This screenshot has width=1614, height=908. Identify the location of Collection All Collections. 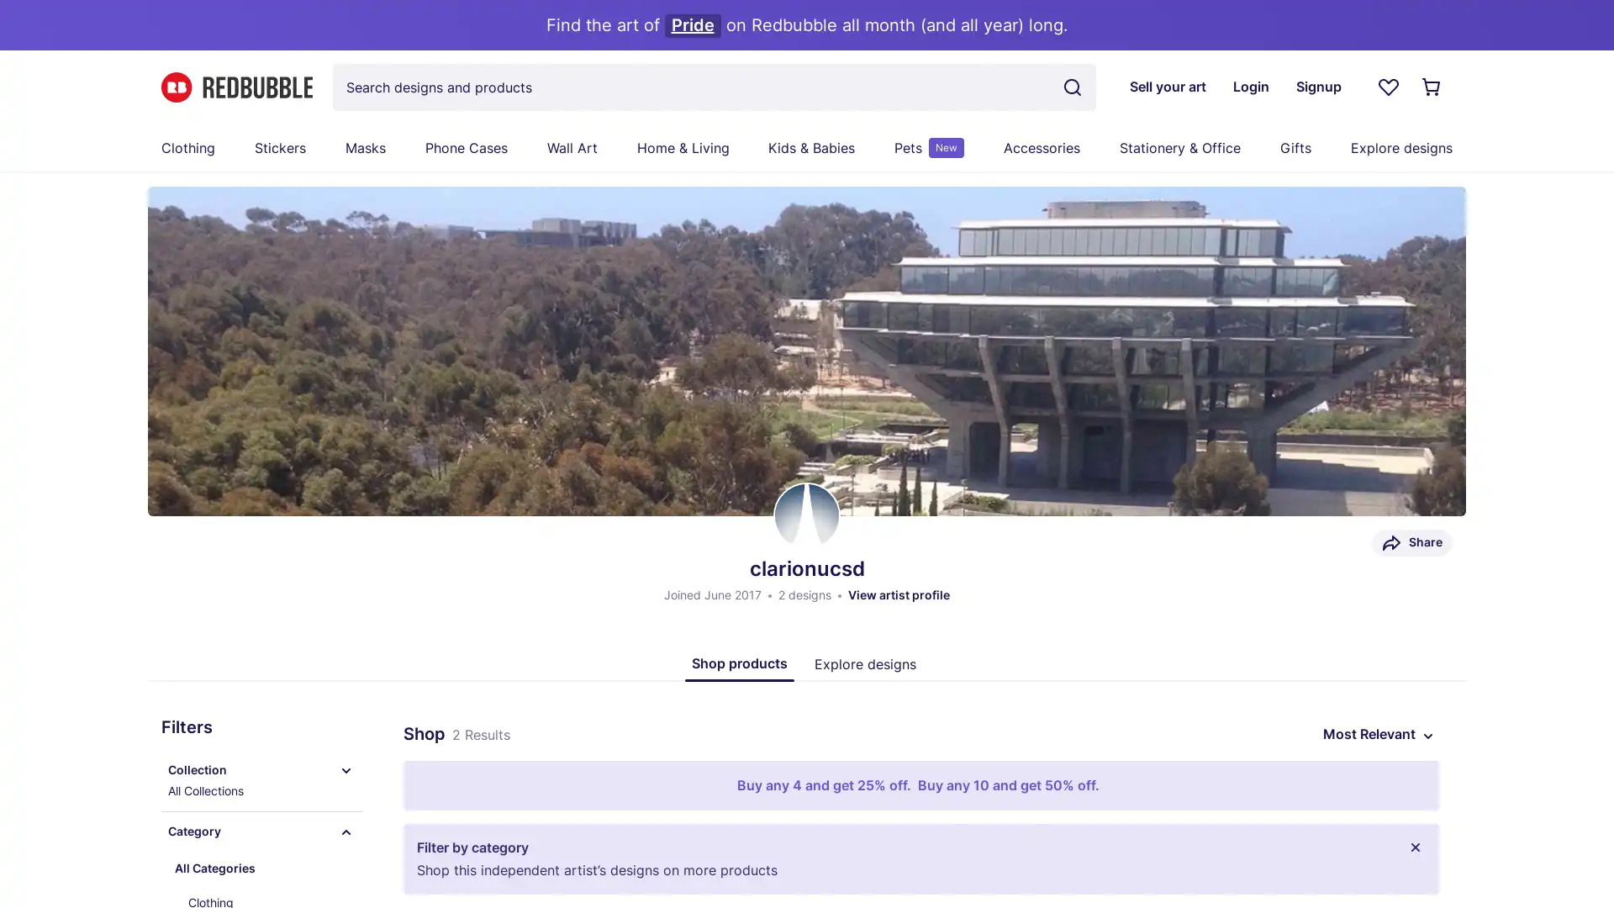
(261, 781).